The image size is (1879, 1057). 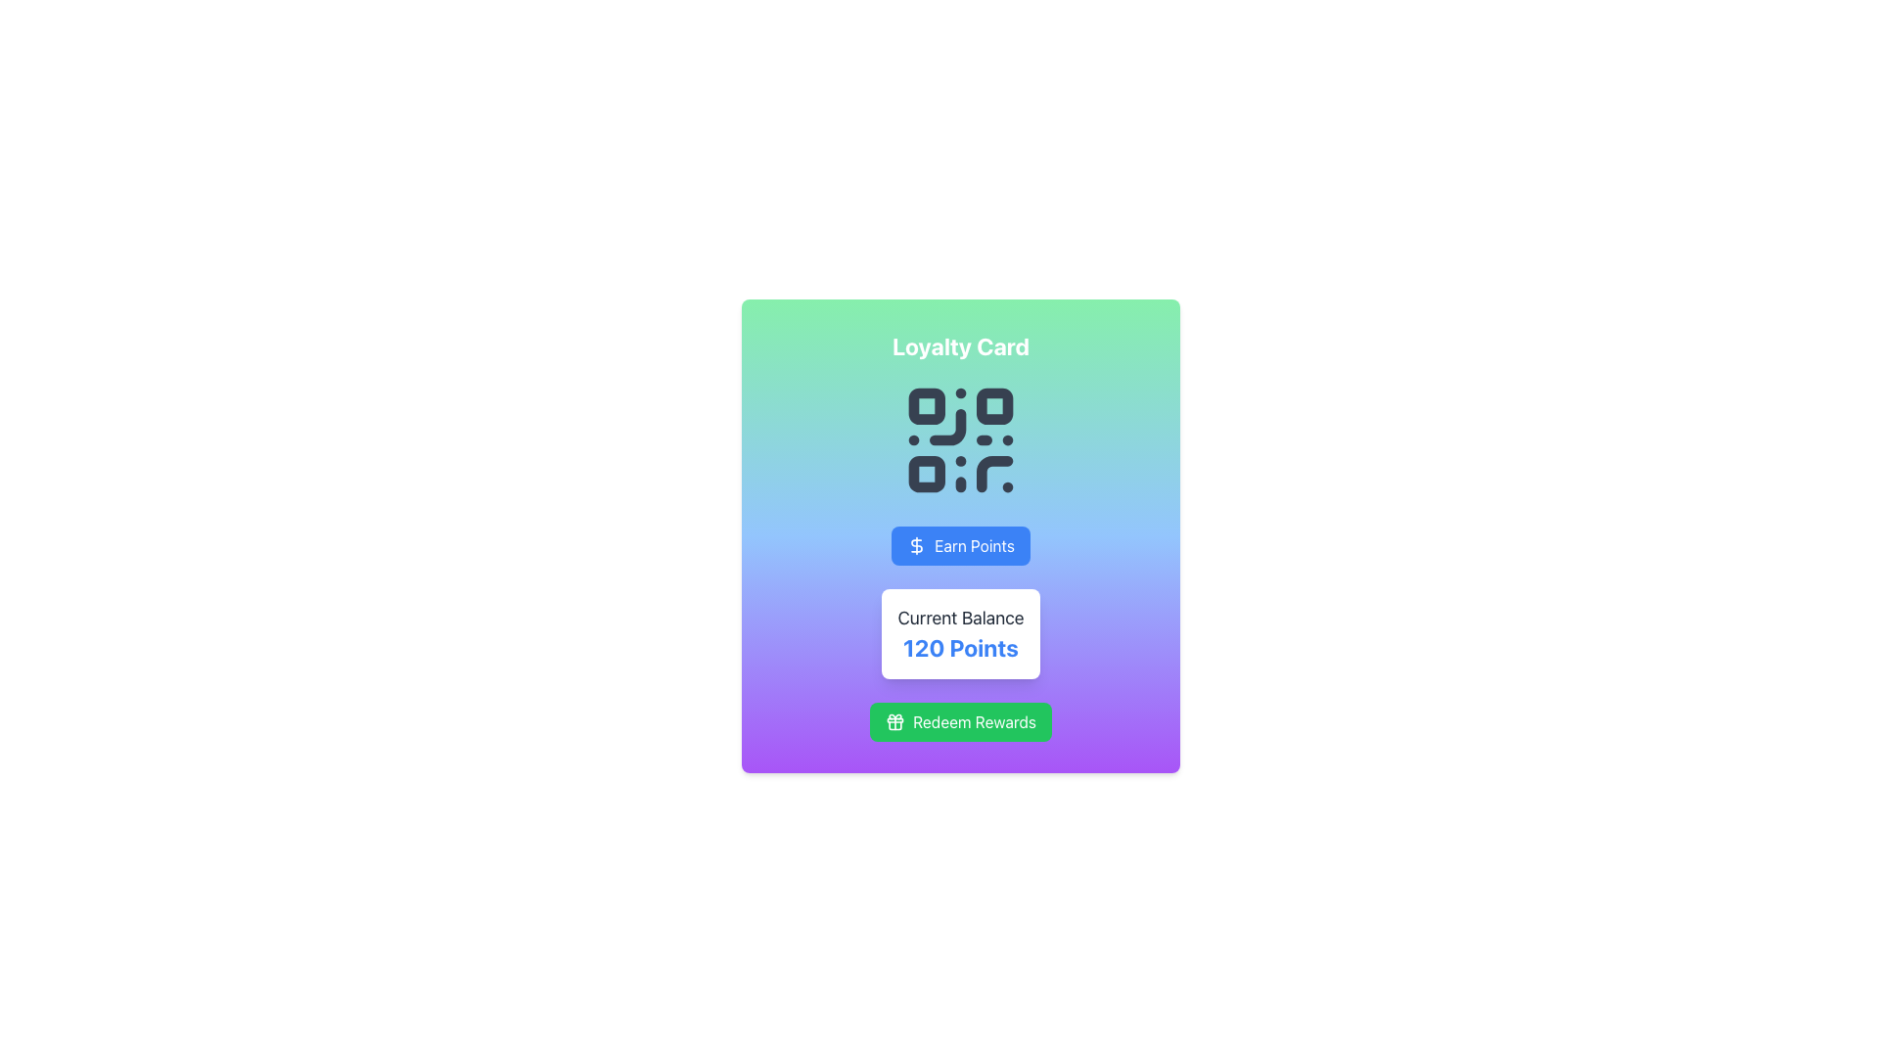 I want to click on the green button labeled 'Redeem Rewards' that contains an icon resembling a gift box with a decorative bow on top, so click(x=894, y=721).